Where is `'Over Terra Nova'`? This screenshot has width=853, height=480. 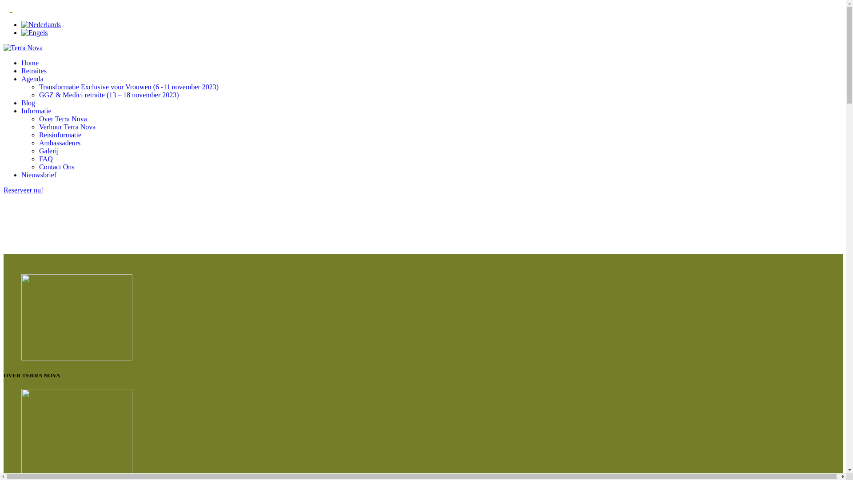
'Over Terra Nova' is located at coordinates (63, 118).